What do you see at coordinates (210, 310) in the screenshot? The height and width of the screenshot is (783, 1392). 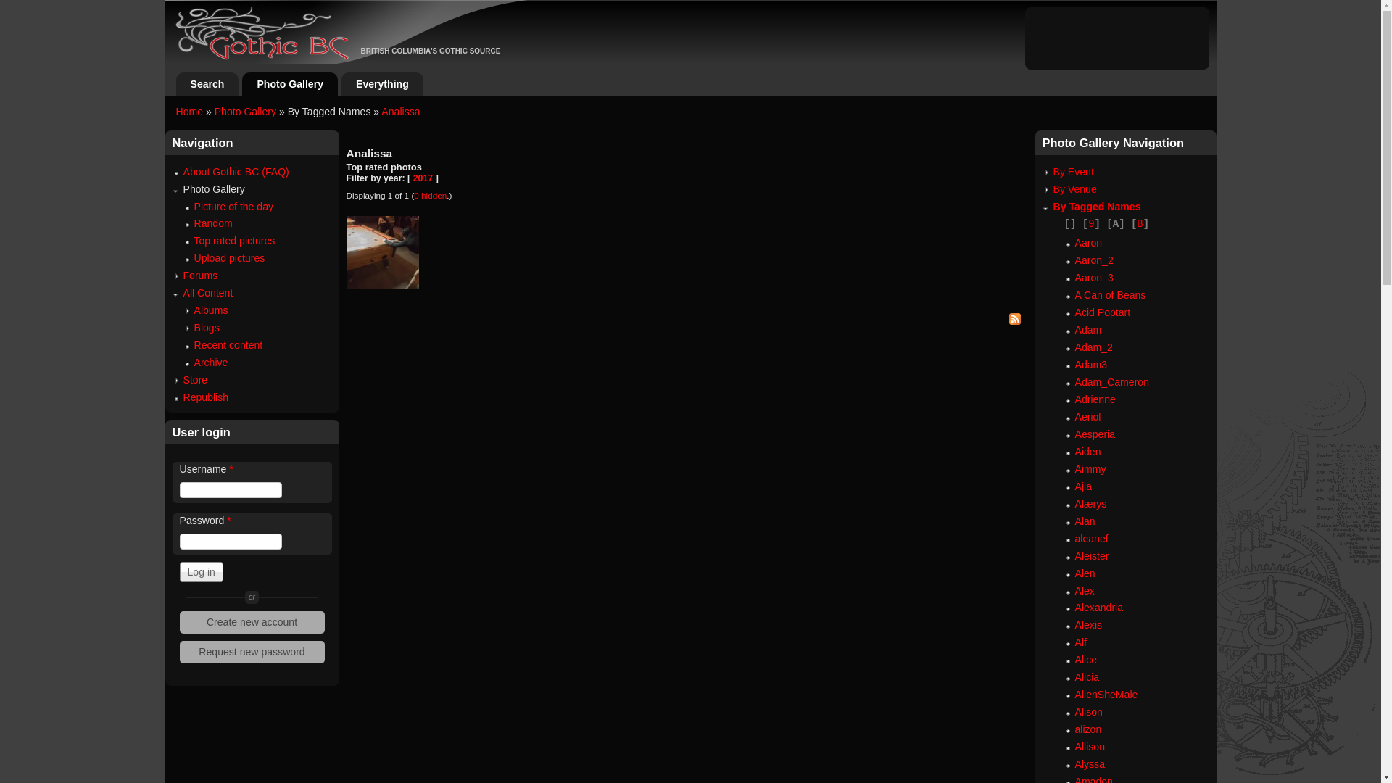 I see `'Albums'` at bounding box center [210, 310].